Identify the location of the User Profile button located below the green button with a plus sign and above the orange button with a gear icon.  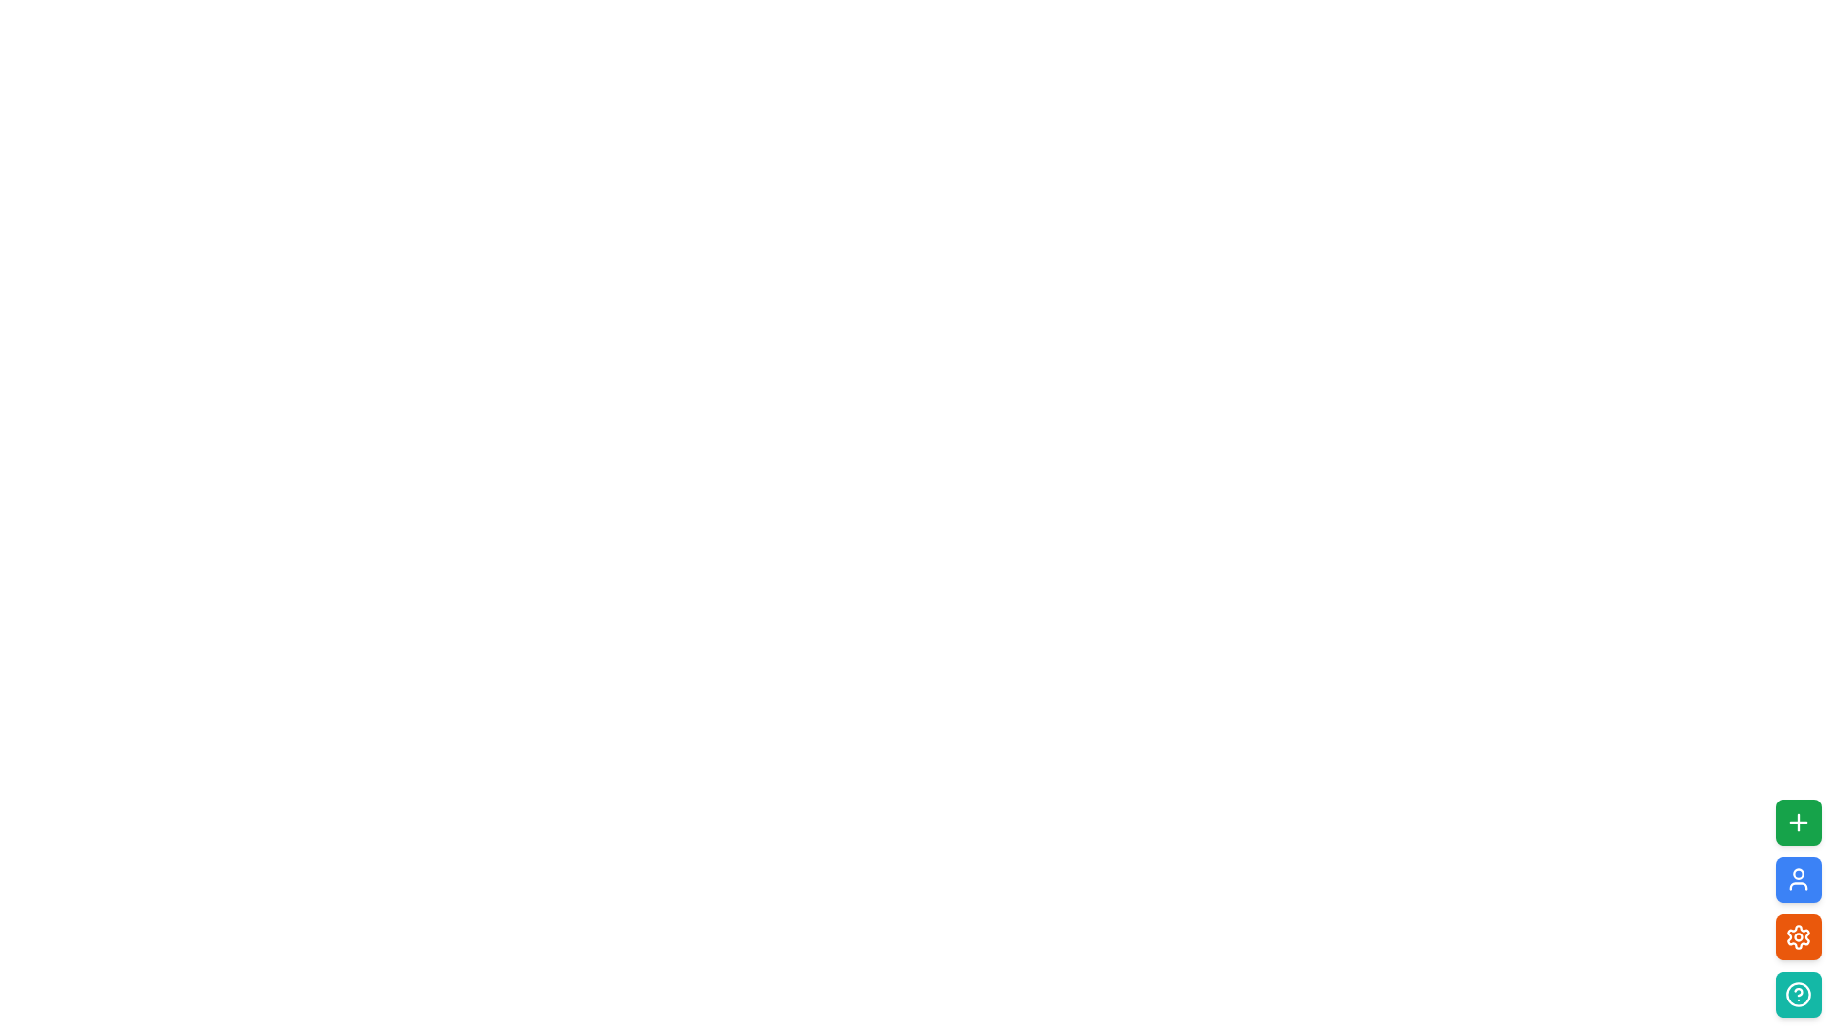
(1798, 880).